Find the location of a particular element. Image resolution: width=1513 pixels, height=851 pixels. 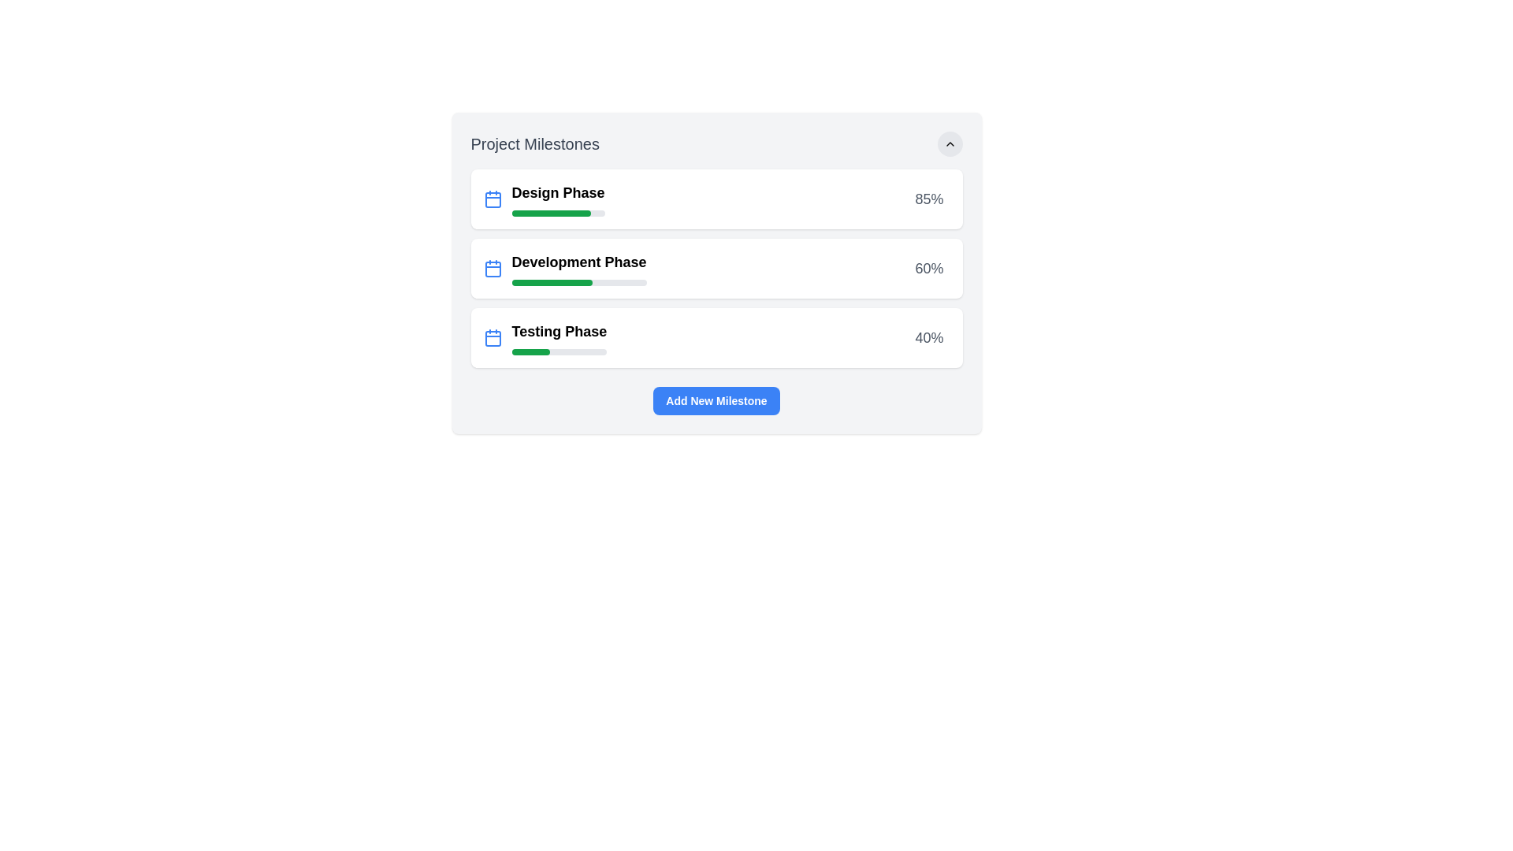

the calendar icon indicating the 'Development Phase' milestone is located at coordinates (492, 269).